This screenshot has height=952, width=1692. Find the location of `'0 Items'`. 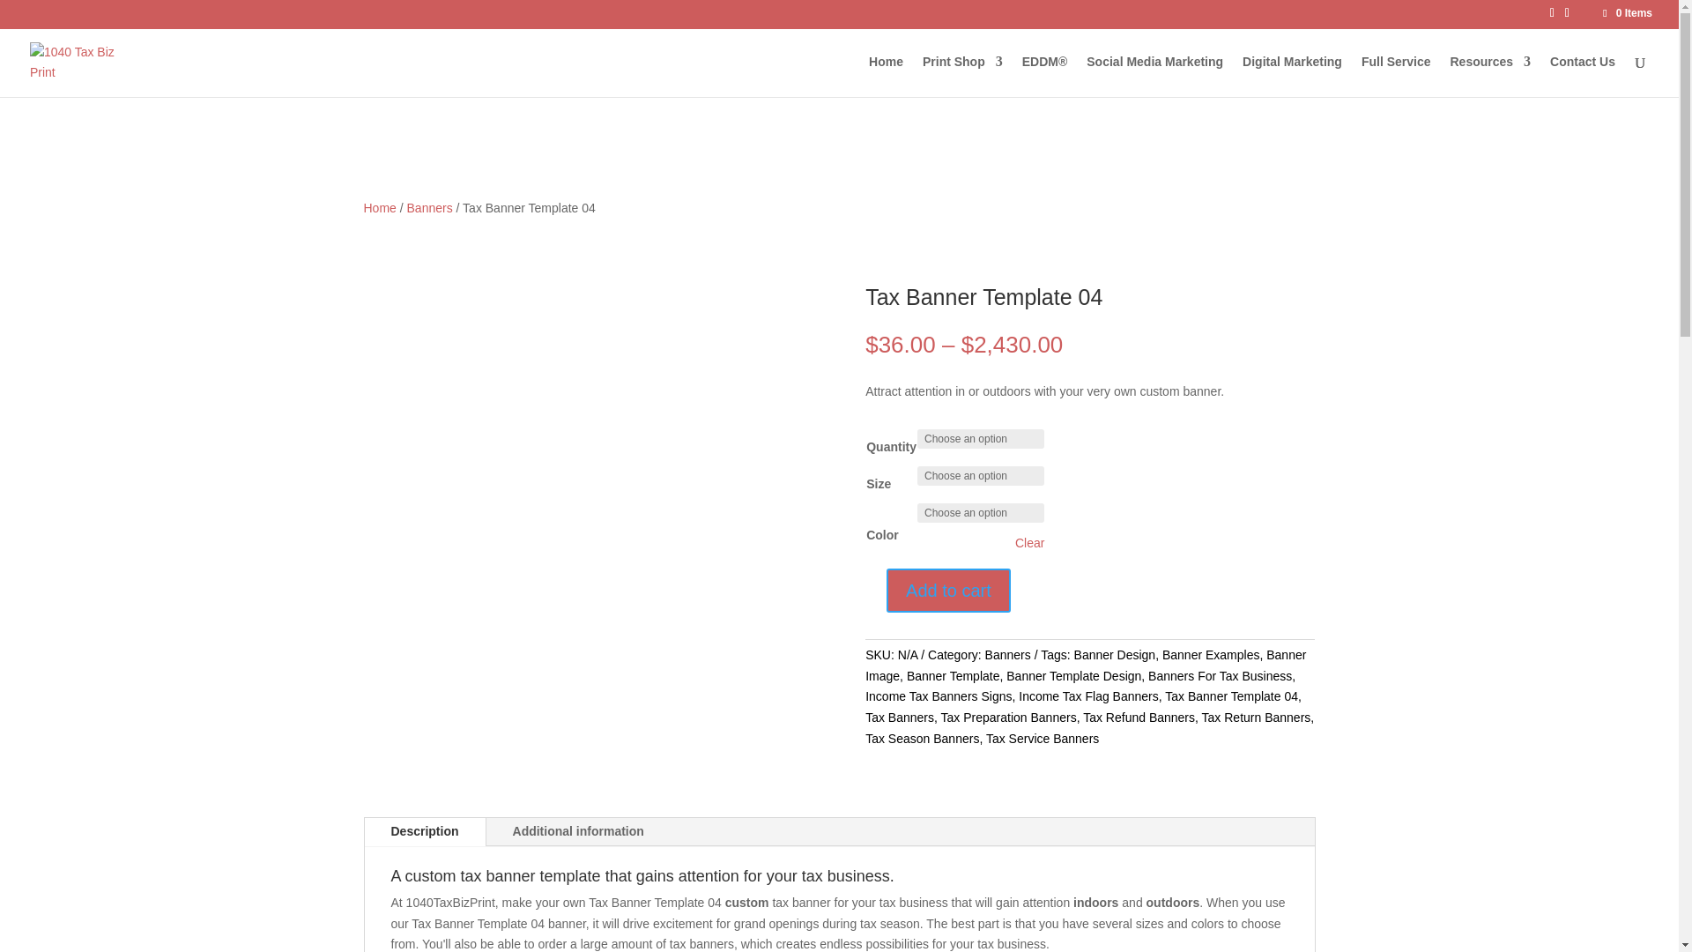

'0 Items' is located at coordinates (1599, 13).